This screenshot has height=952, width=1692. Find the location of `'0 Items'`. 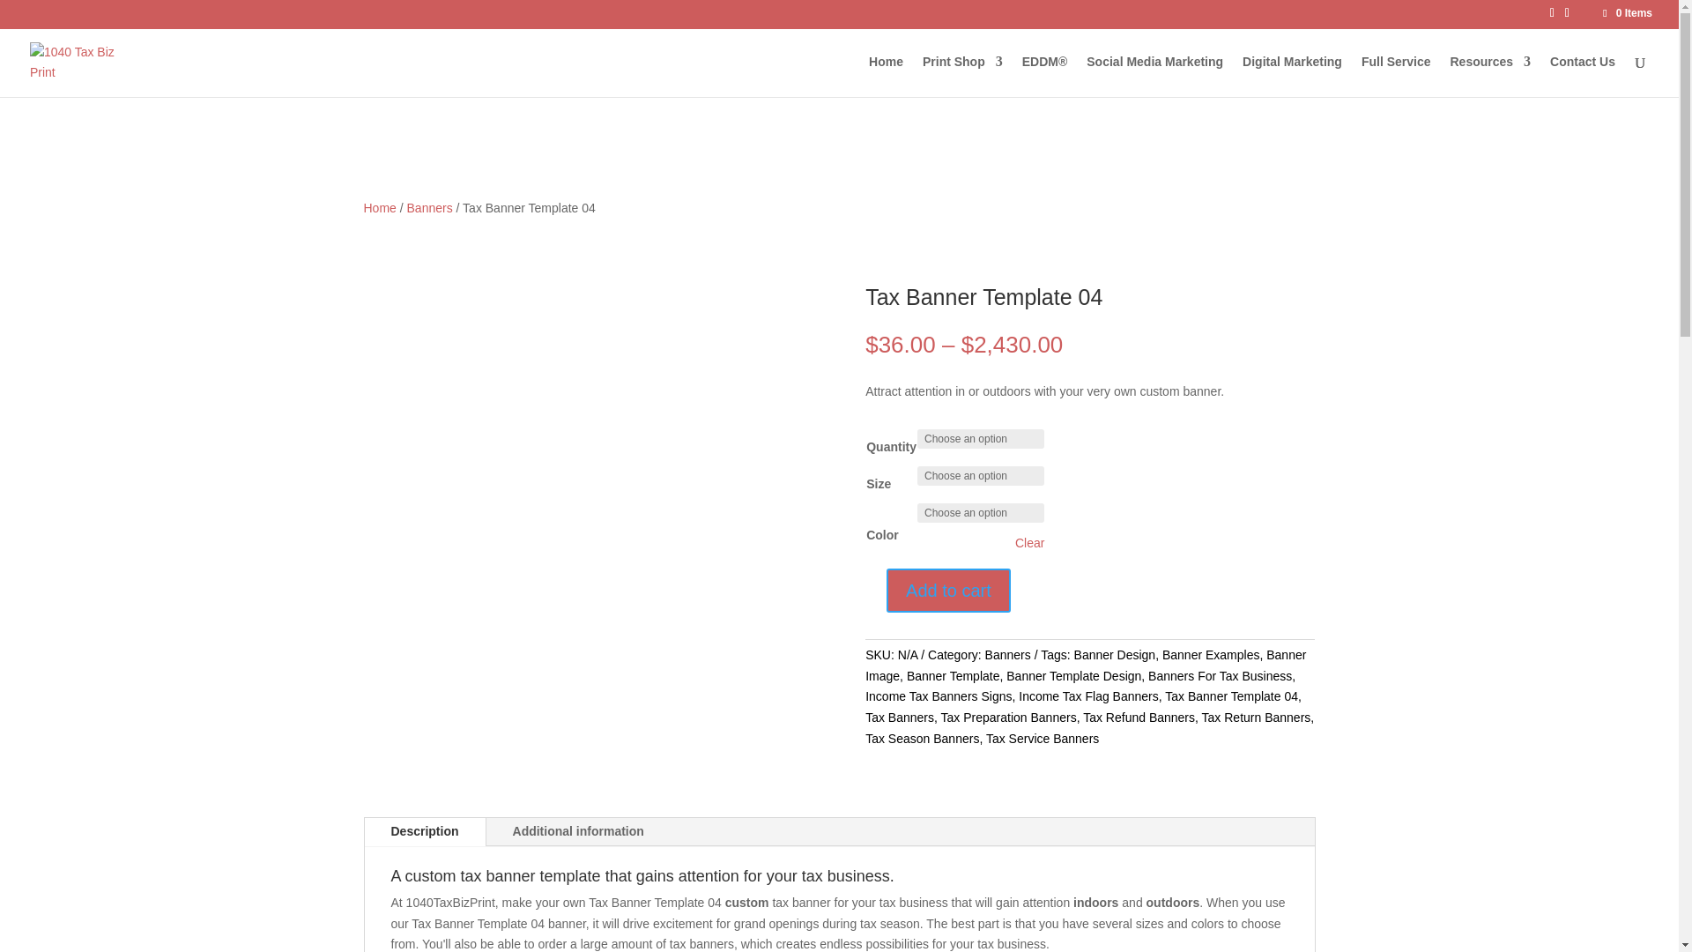

'0 Items' is located at coordinates (1599, 13).